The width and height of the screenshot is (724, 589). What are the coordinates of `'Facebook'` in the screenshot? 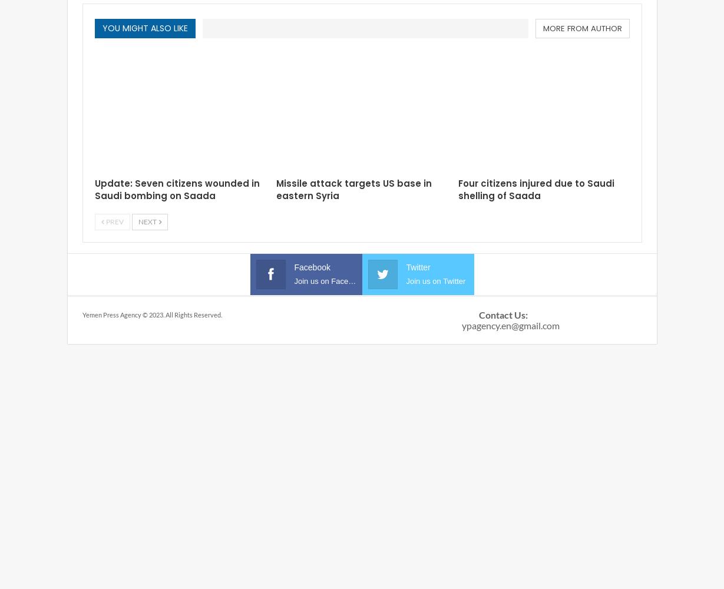 It's located at (312, 267).